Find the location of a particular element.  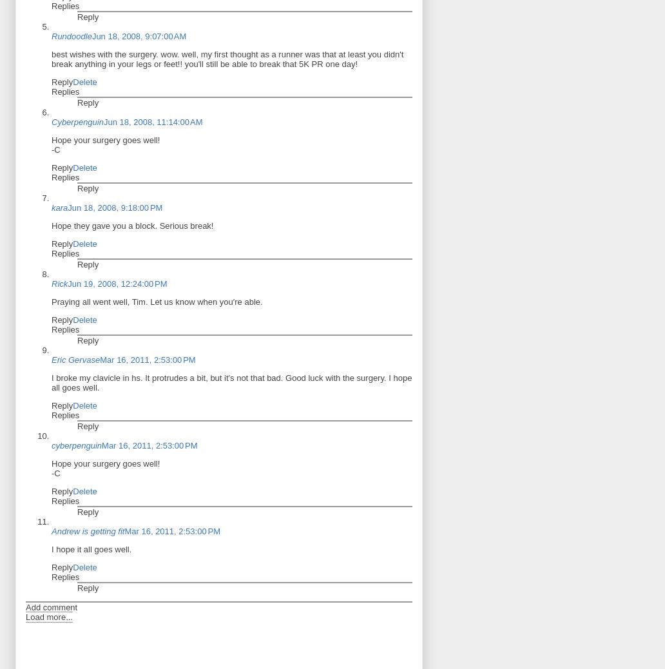

'Eric Gervase' is located at coordinates (51, 358).